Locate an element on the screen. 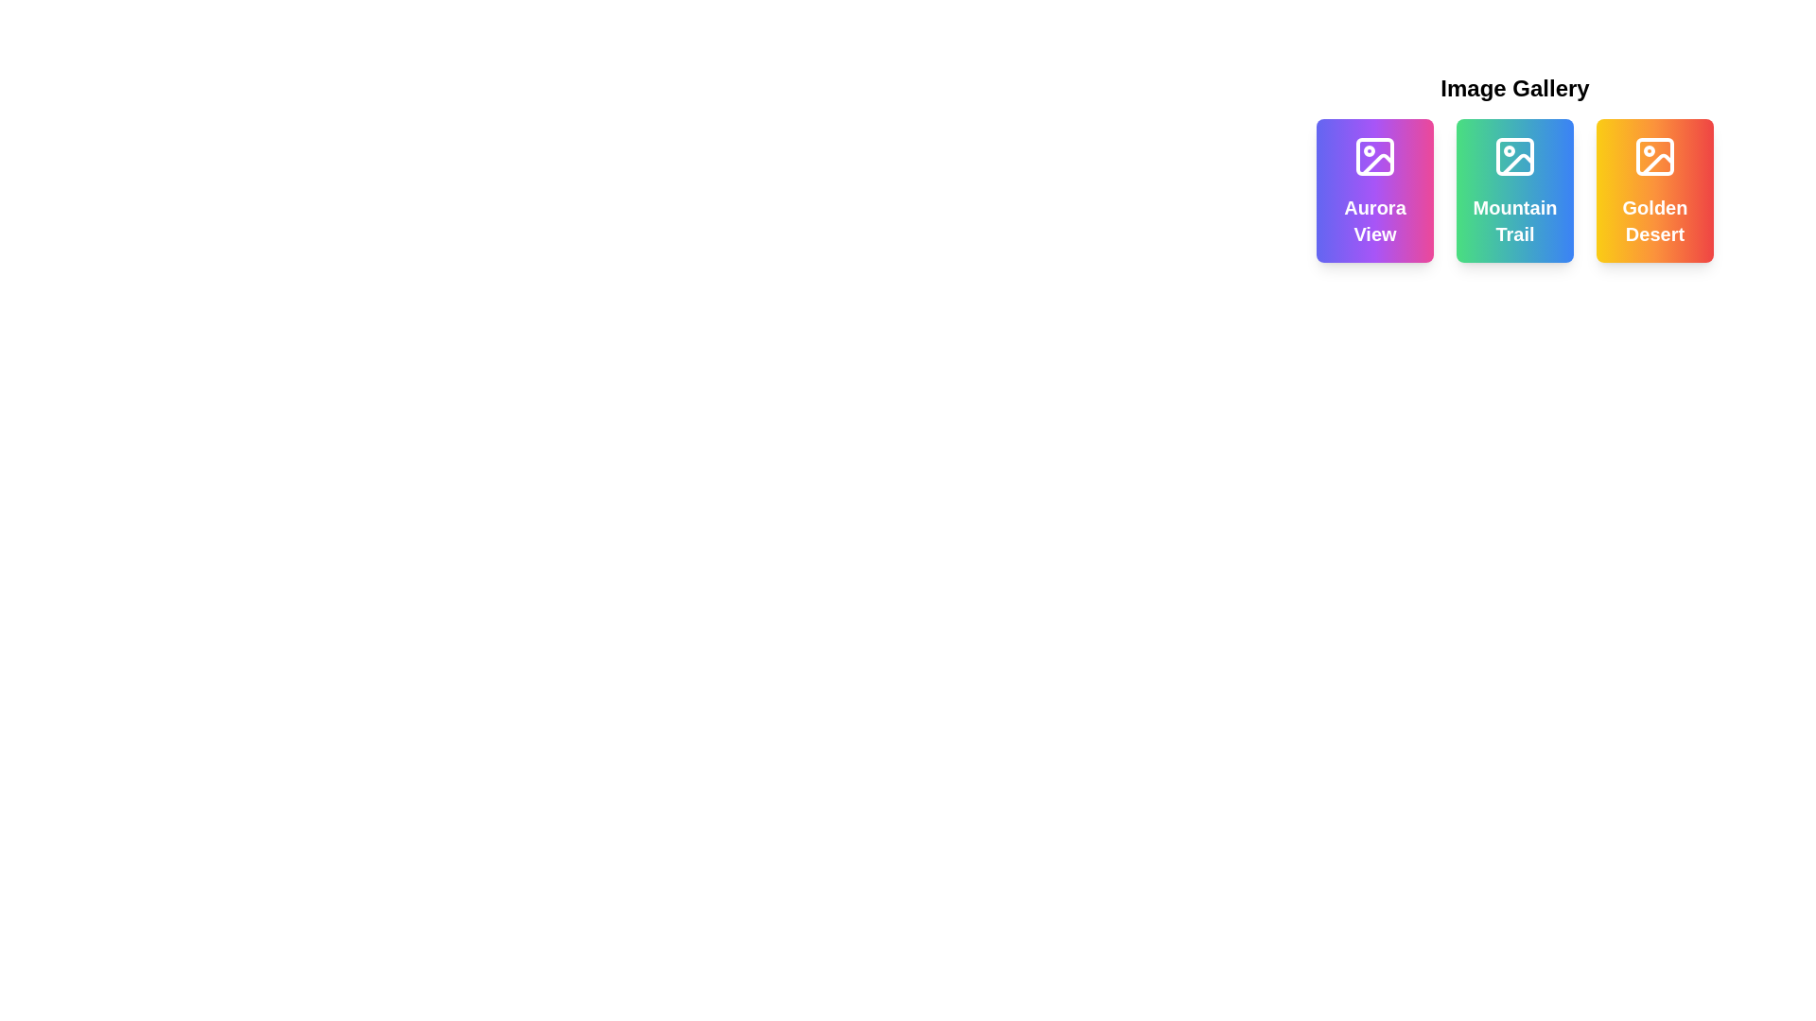 This screenshot has width=1816, height=1021. the decorative graphical element located centrally within the 'Mountain Trail' card in the image gallery is located at coordinates (1515, 155).